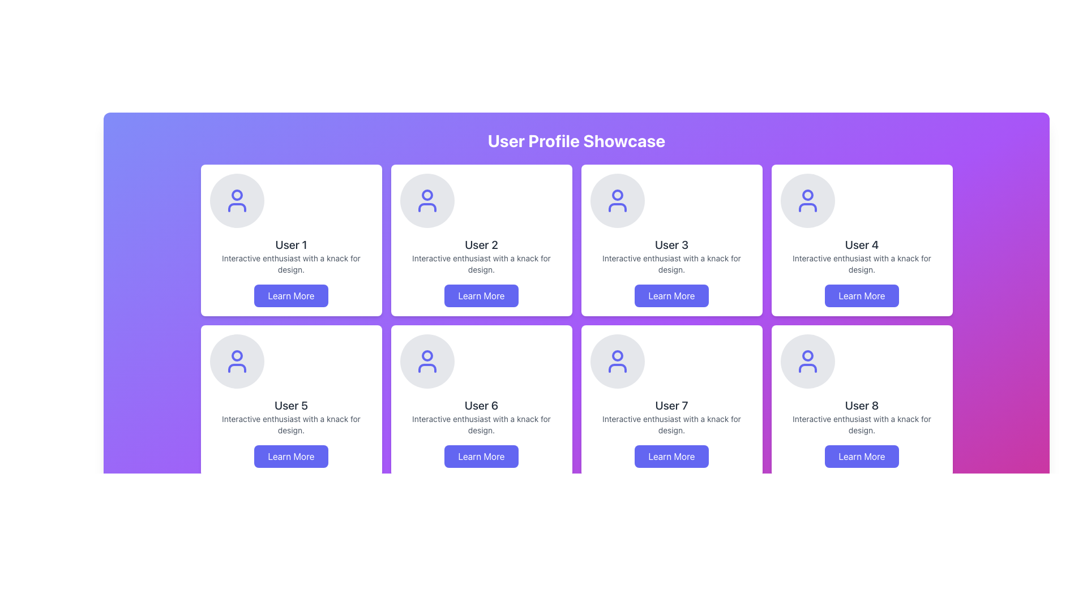 Image resolution: width=1087 pixels, height=611 pixels. What do you see at coordinates (671, 405) in the screenshot?
I see `the user identifier text label located at the bottom section of the profile card` at bounding box center [671, 405].